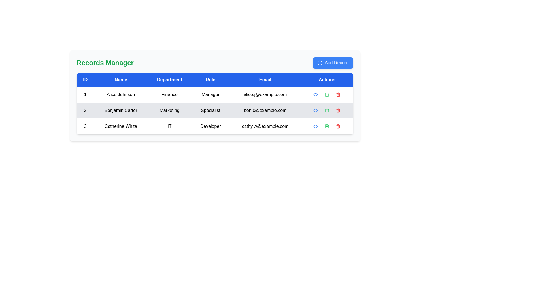 Image resolution: width=544 pixels, height=306 pixels. Describe the element at coordinates (85, 126) in the screenshot. I see `the Text Cell containing the number '3', which is the first cell of the last row in the table under the 'ID' column` at that location.